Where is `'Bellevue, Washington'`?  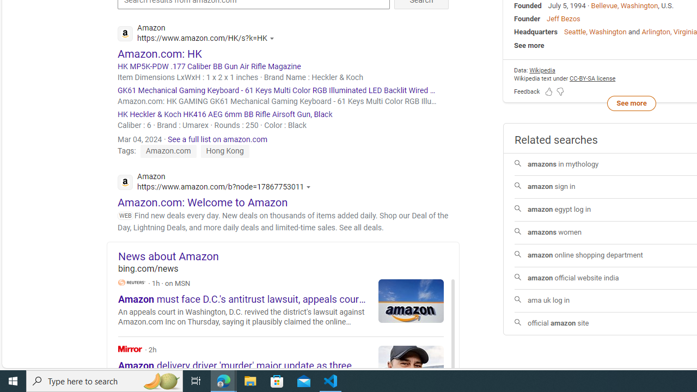 'Bellevue, Washington' is located at coordinates (625, 5).